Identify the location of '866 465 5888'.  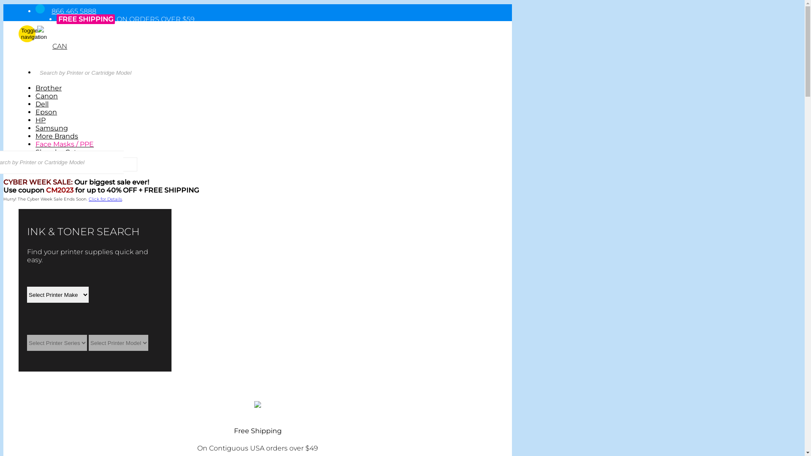
(73, 11).